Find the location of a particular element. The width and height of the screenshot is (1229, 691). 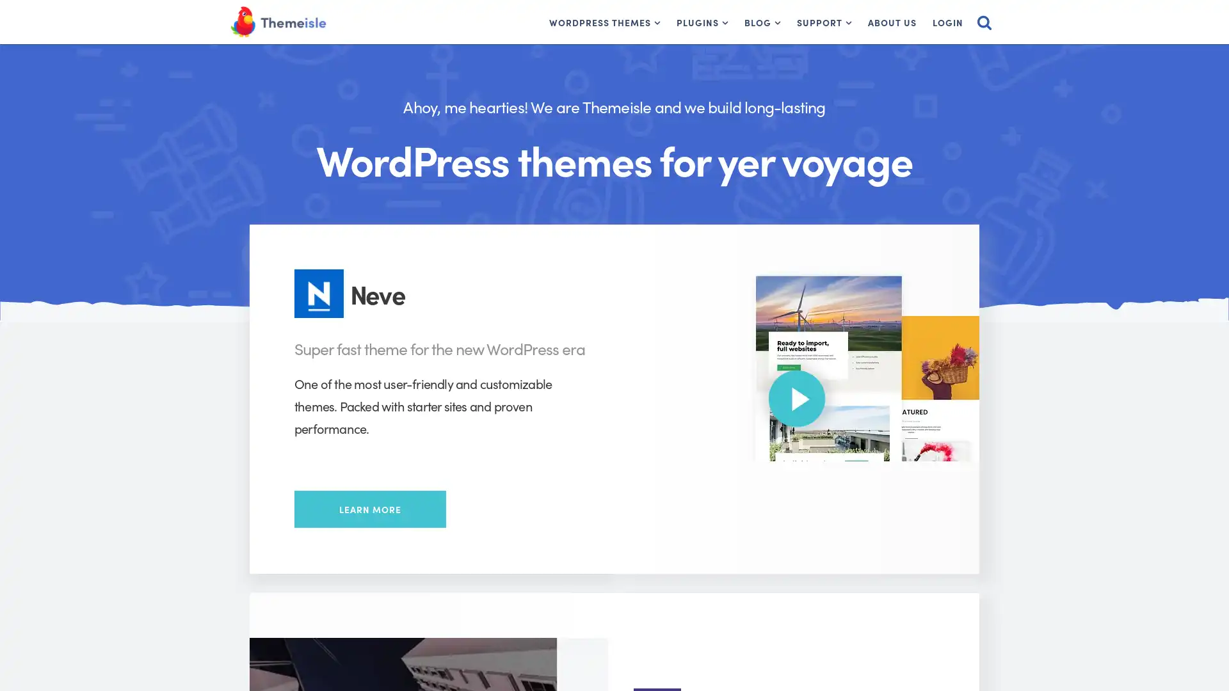

LEARN MORE is located at coordinates (369, 508).